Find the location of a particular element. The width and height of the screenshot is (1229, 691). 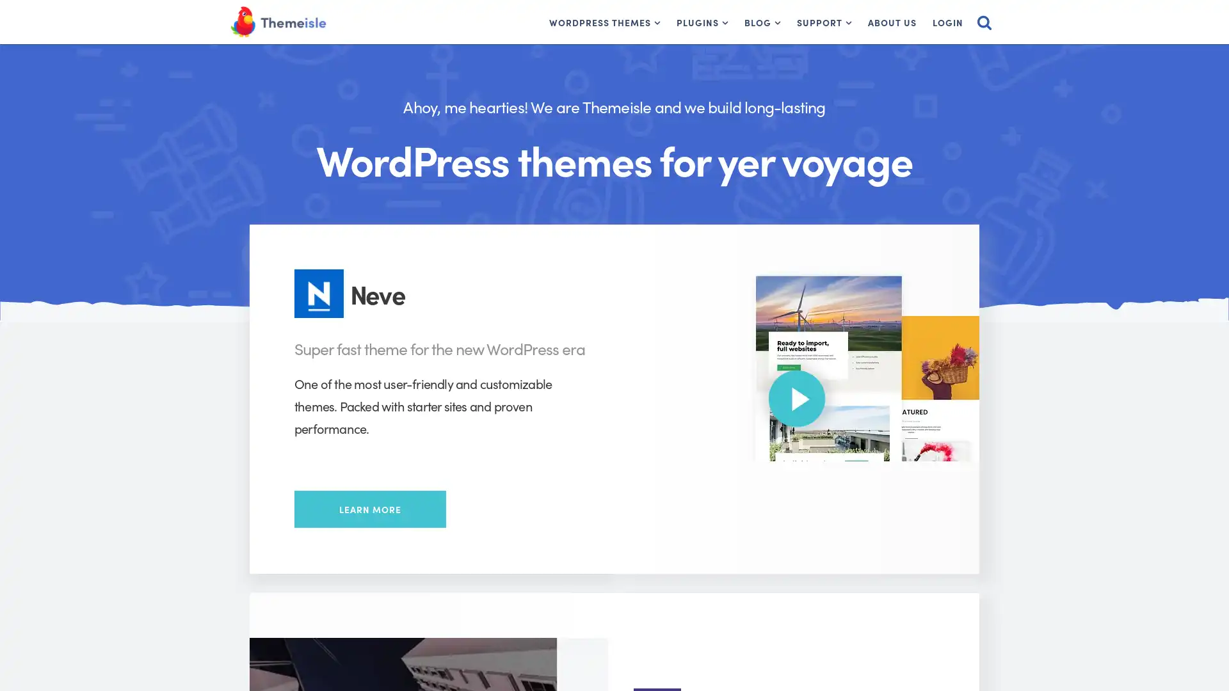

LEARN MORE is located at coordinates (369, 508).